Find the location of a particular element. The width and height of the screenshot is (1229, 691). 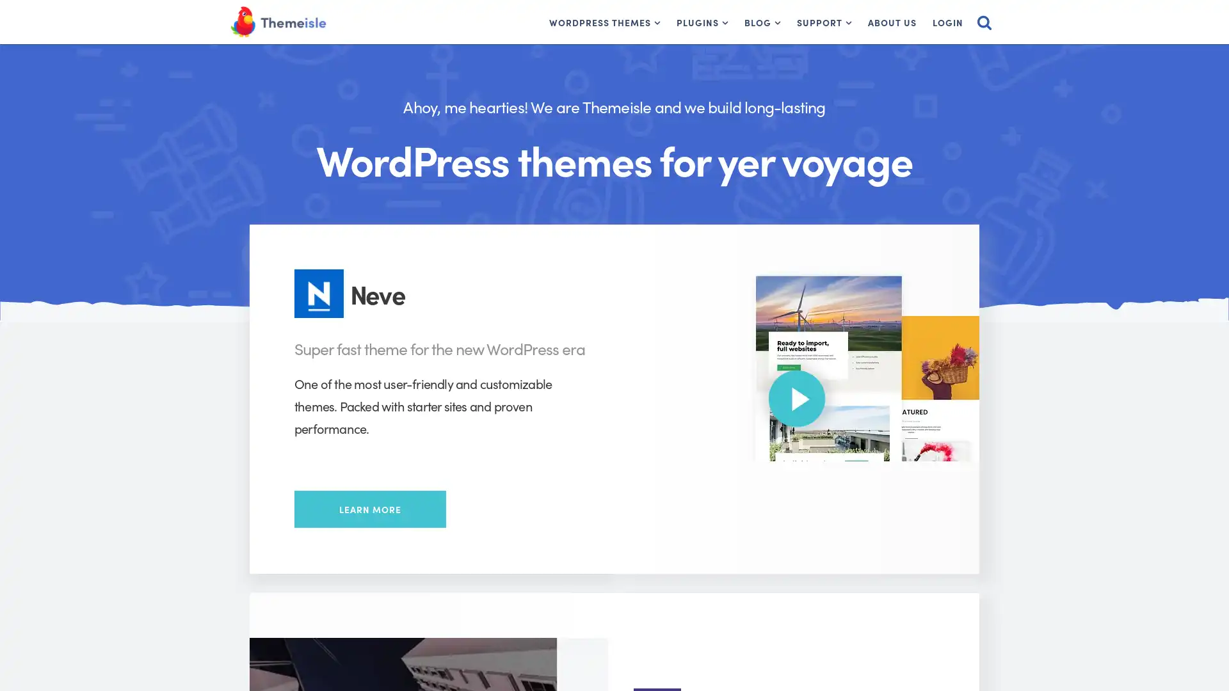

LEARN MORE is located at coordinates (369, 508).